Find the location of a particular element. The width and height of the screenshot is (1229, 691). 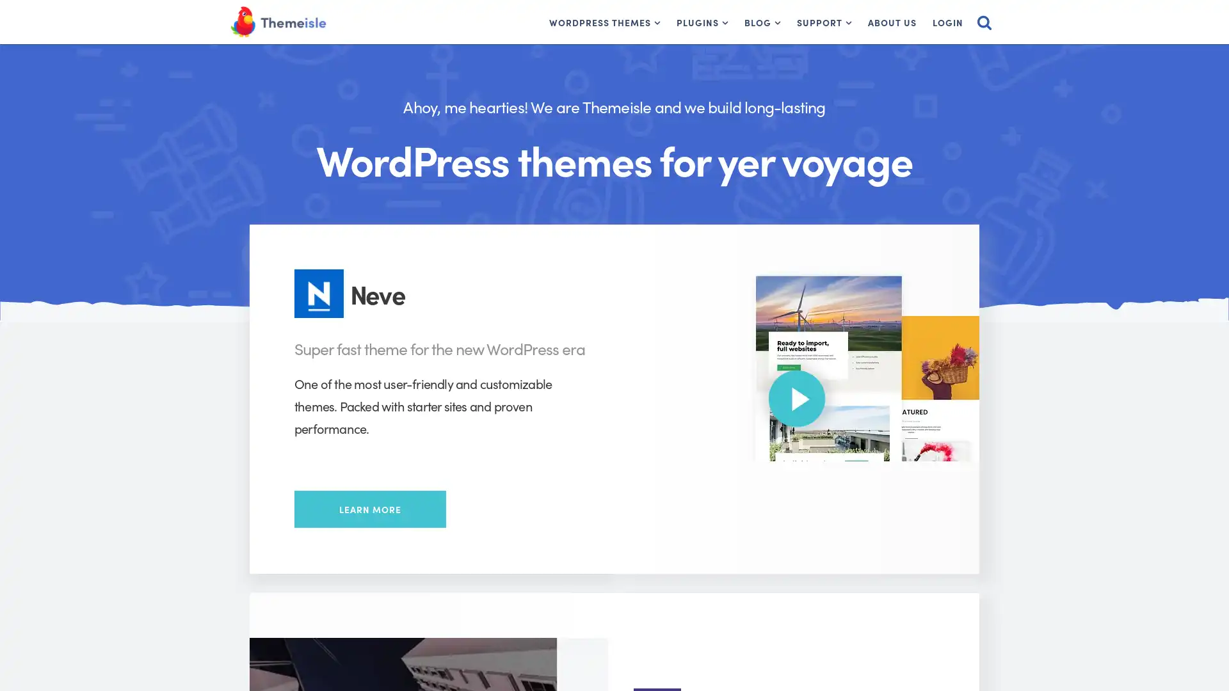

LEARN MORE is located at coordinates (369, 508).